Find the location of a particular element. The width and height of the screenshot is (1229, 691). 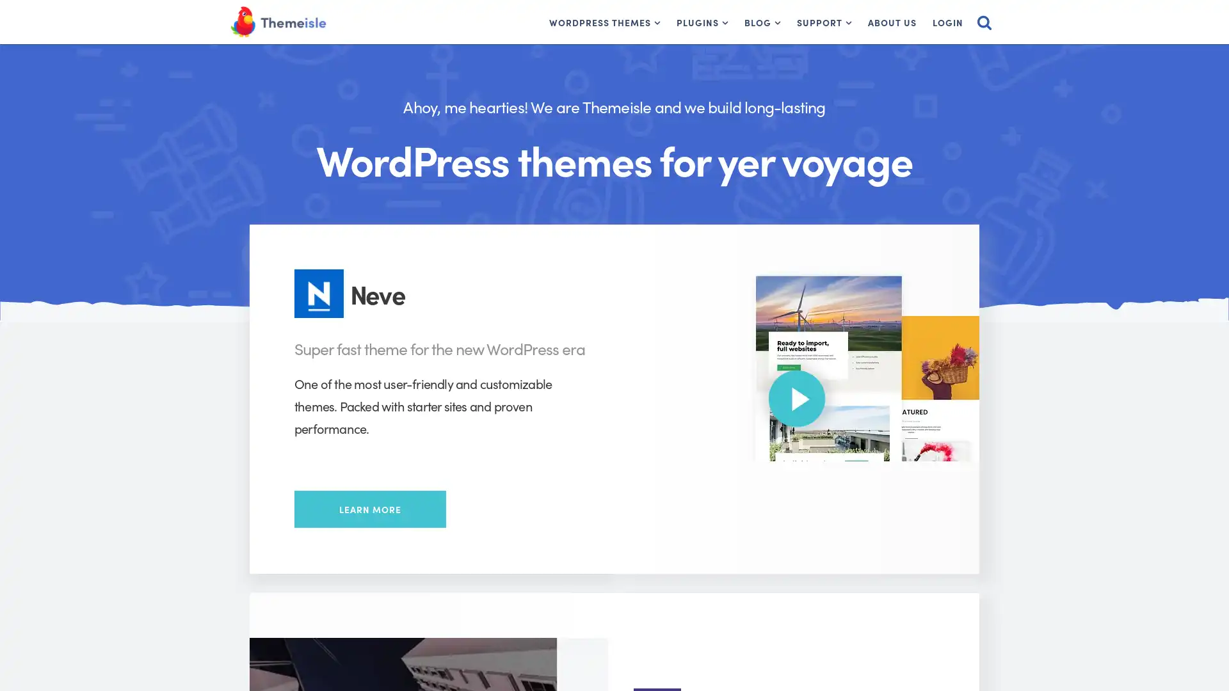

LEARN MORE is located at coordinates (369, 508).